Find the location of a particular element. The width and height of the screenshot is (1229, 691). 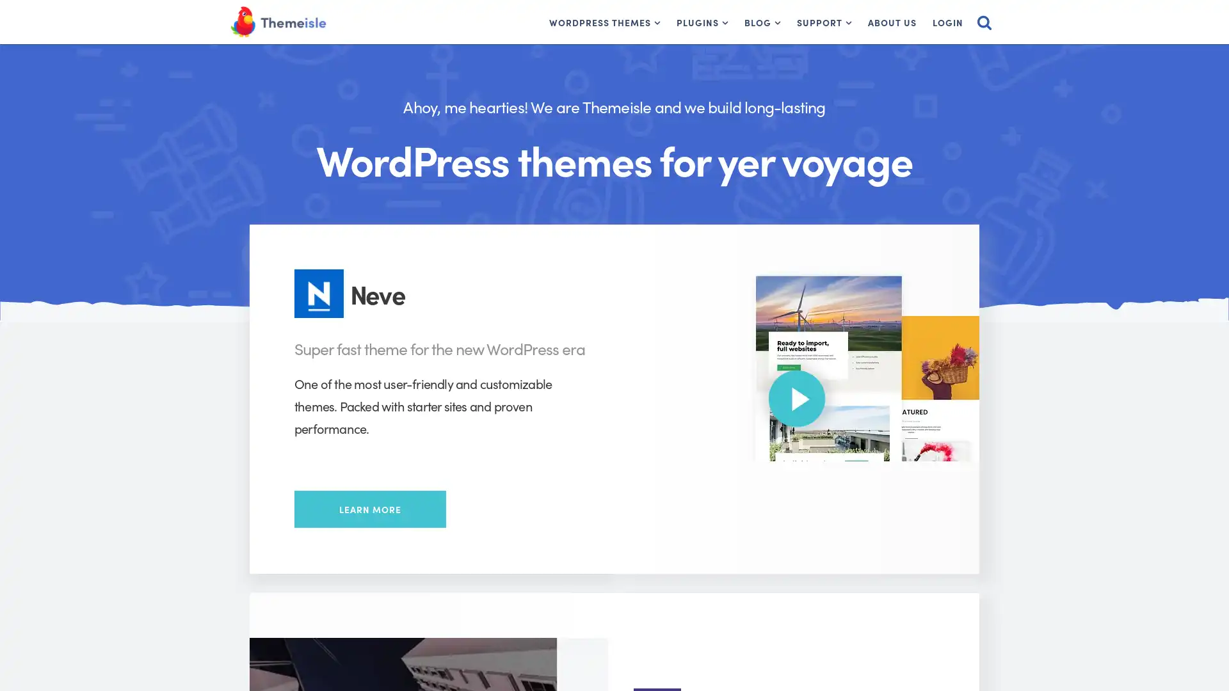

LEARN MORE is located at coordinates (369, 508).